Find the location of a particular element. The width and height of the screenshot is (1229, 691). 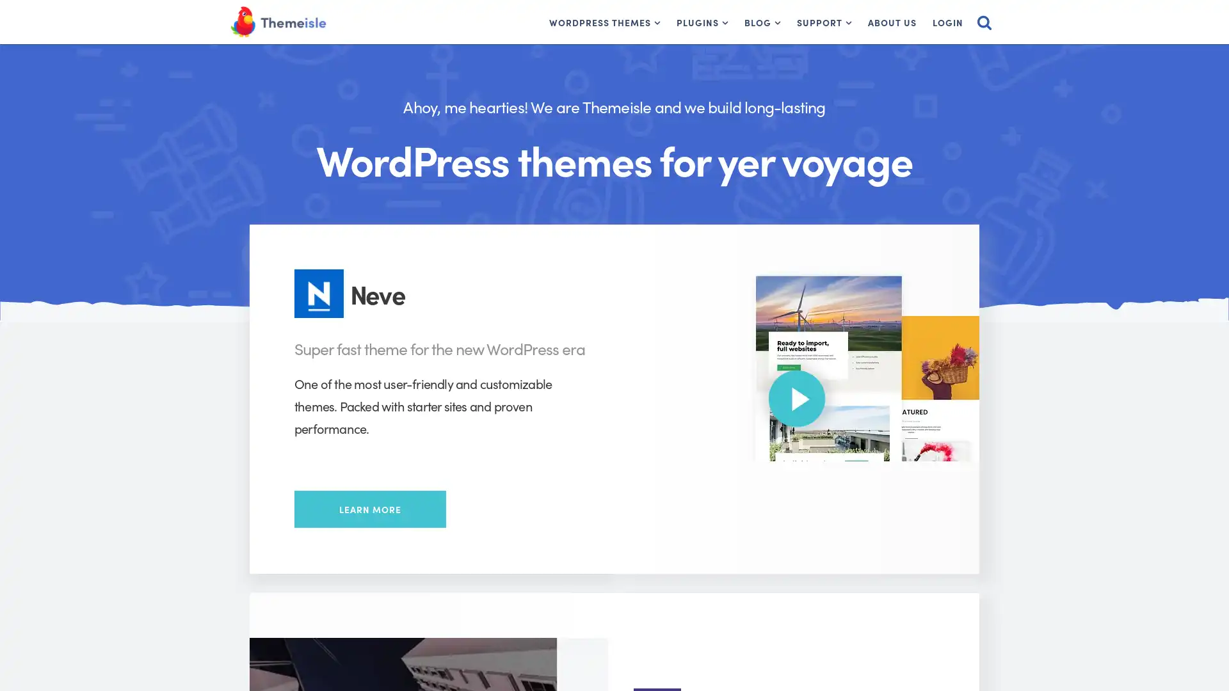

LEARN MORE is located at coordinates (369, 508).